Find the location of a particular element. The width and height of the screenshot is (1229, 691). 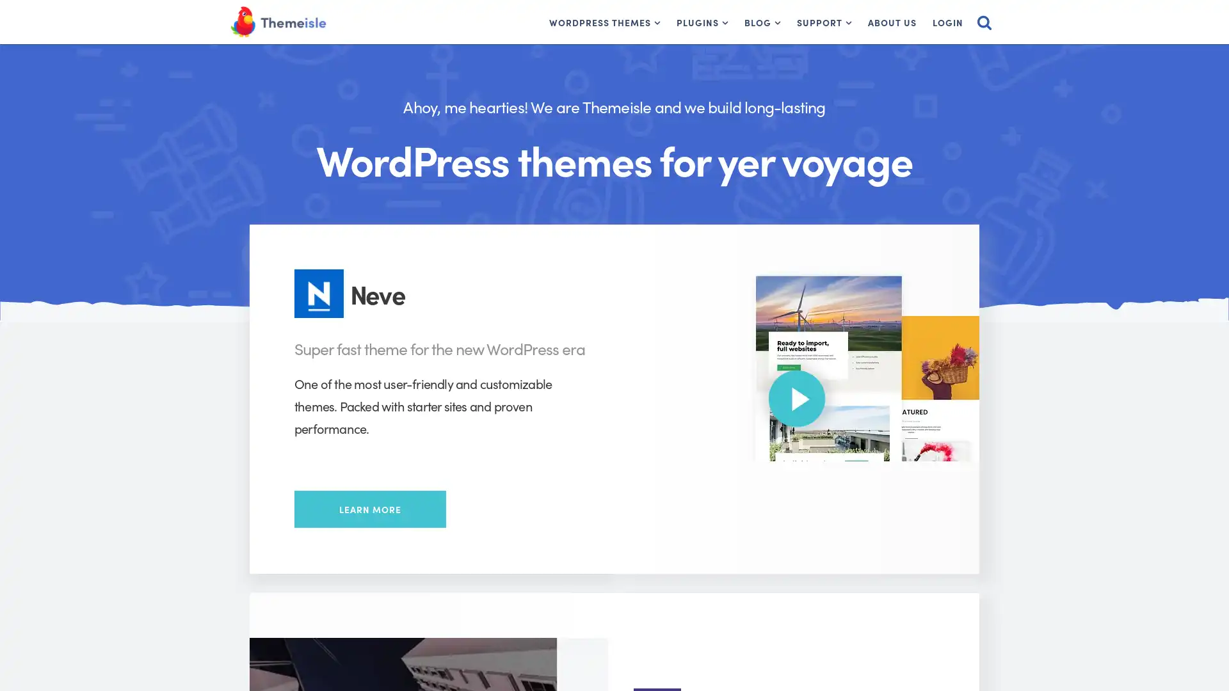

LEARN MORE is located at coordinates (369, 508).